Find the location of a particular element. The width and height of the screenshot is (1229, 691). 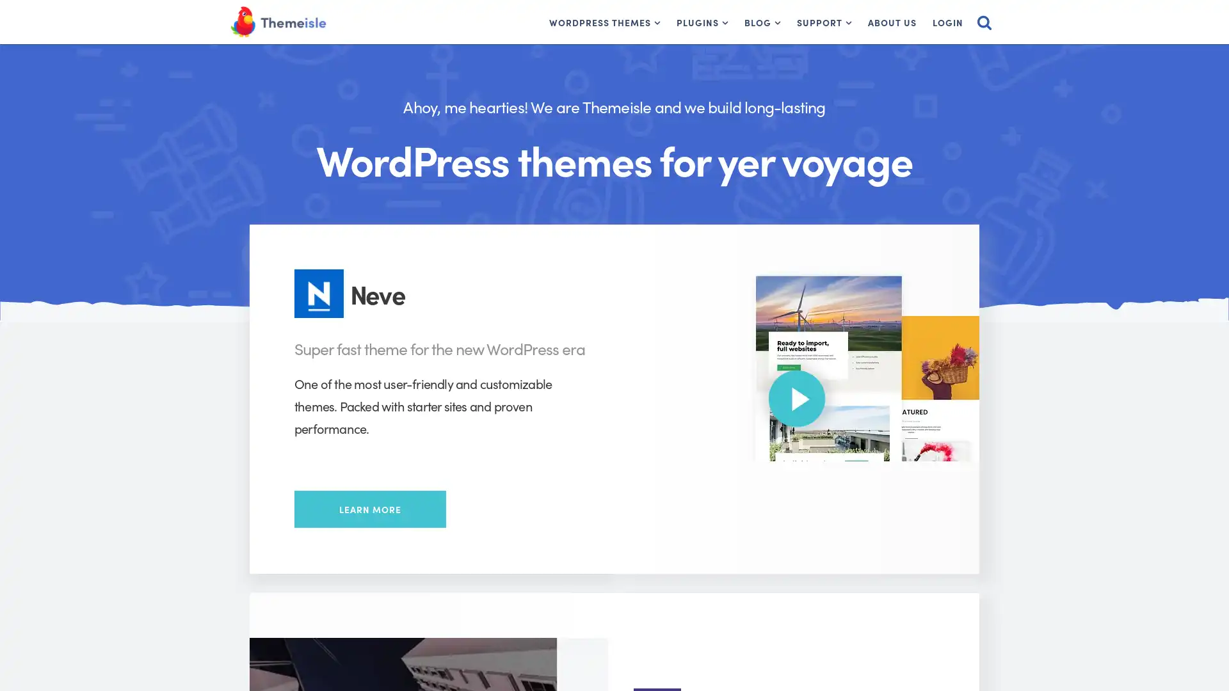

LEARN MORE is located at coordinates (369, 508).